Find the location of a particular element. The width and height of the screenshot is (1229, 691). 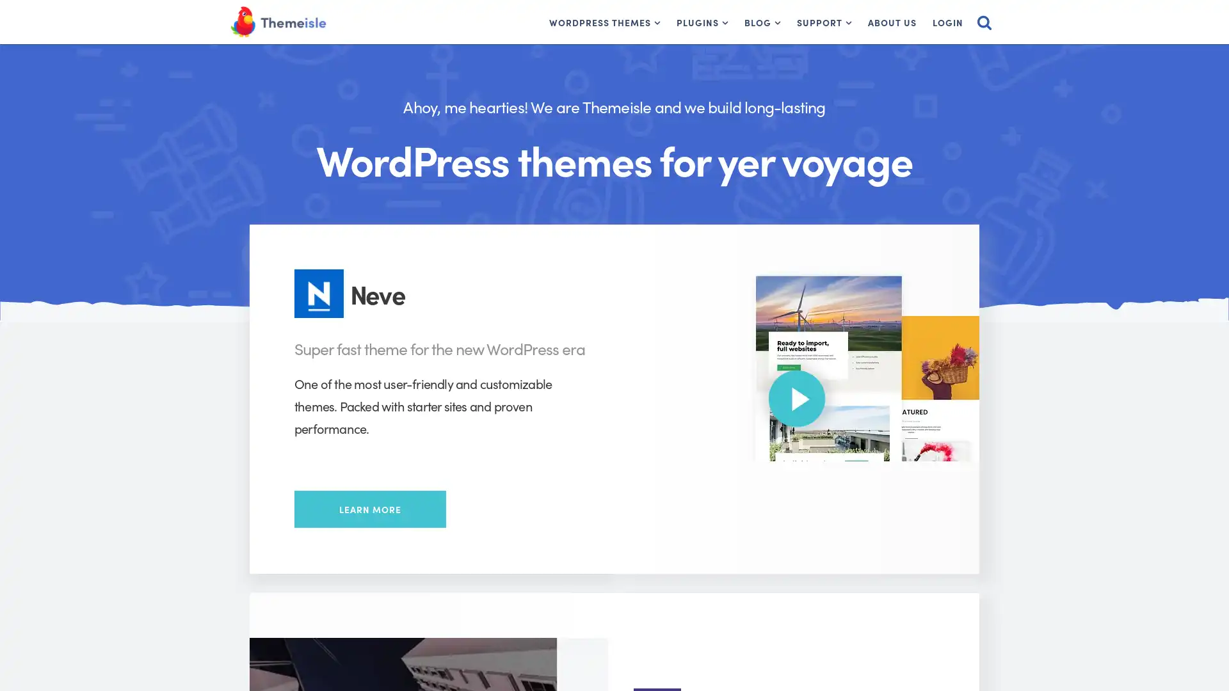

LEARN MORE is located at coordinates (369, 508).